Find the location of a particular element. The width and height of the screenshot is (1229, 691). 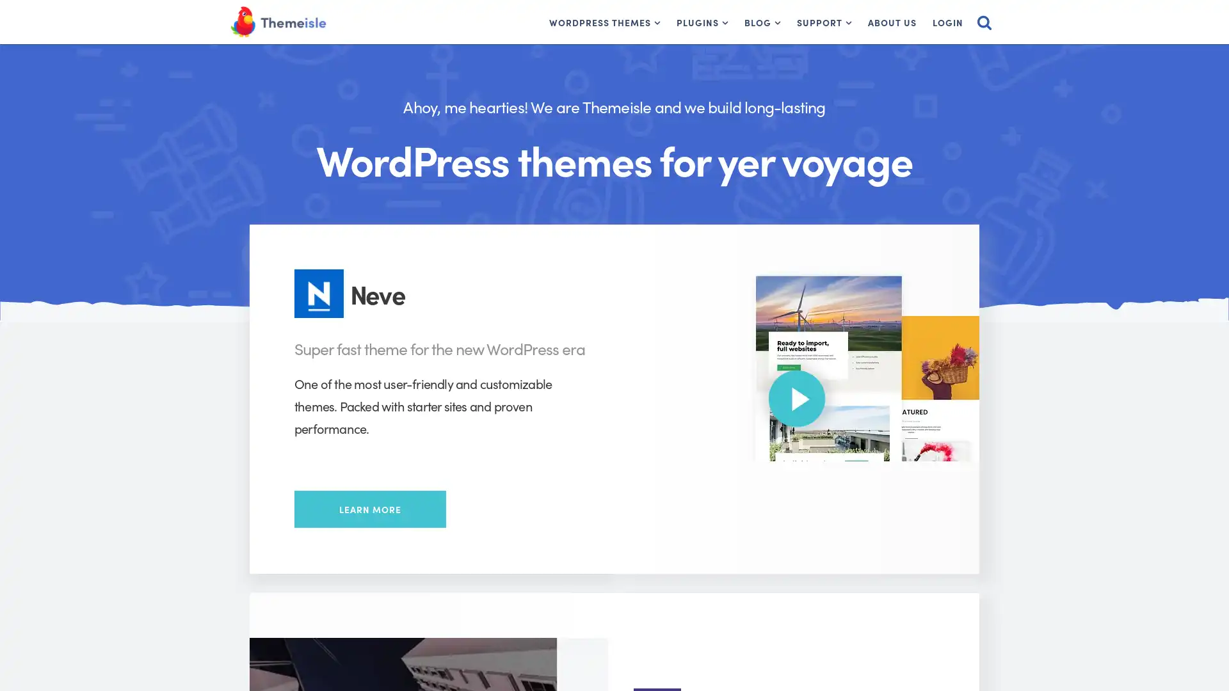

LEARN MORE is located at coordinates (369, 508).